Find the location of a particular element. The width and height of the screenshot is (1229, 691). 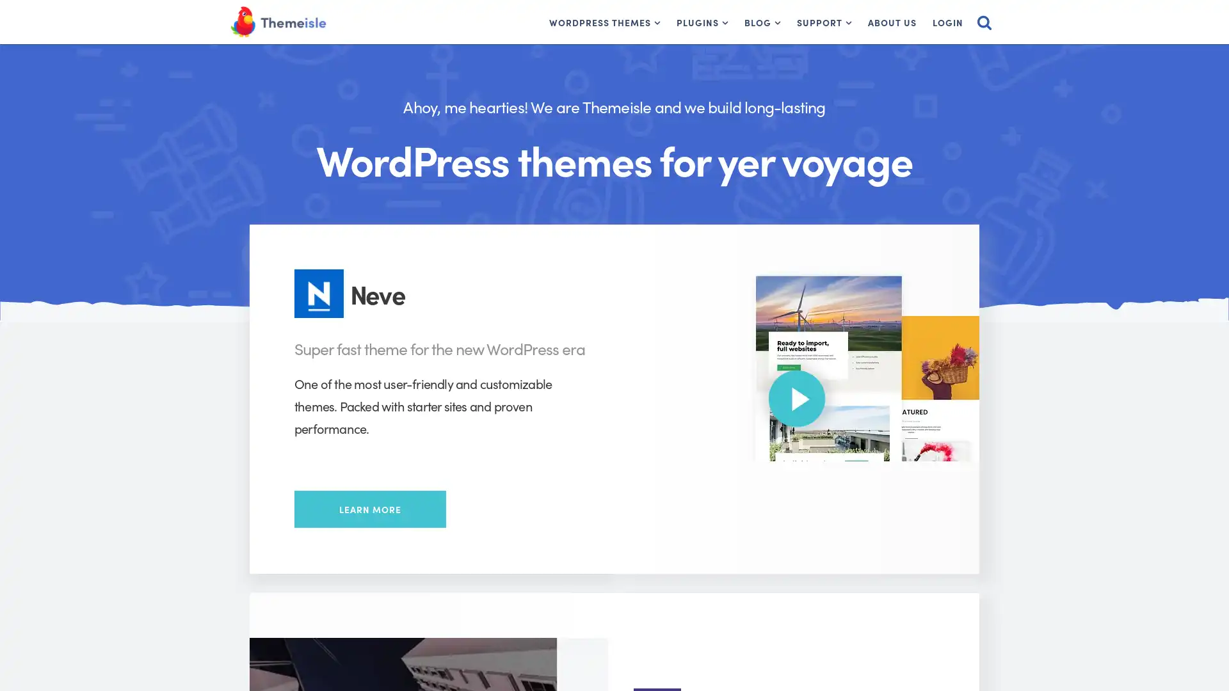

LEARN MORE is located at coordinates (369, 508).